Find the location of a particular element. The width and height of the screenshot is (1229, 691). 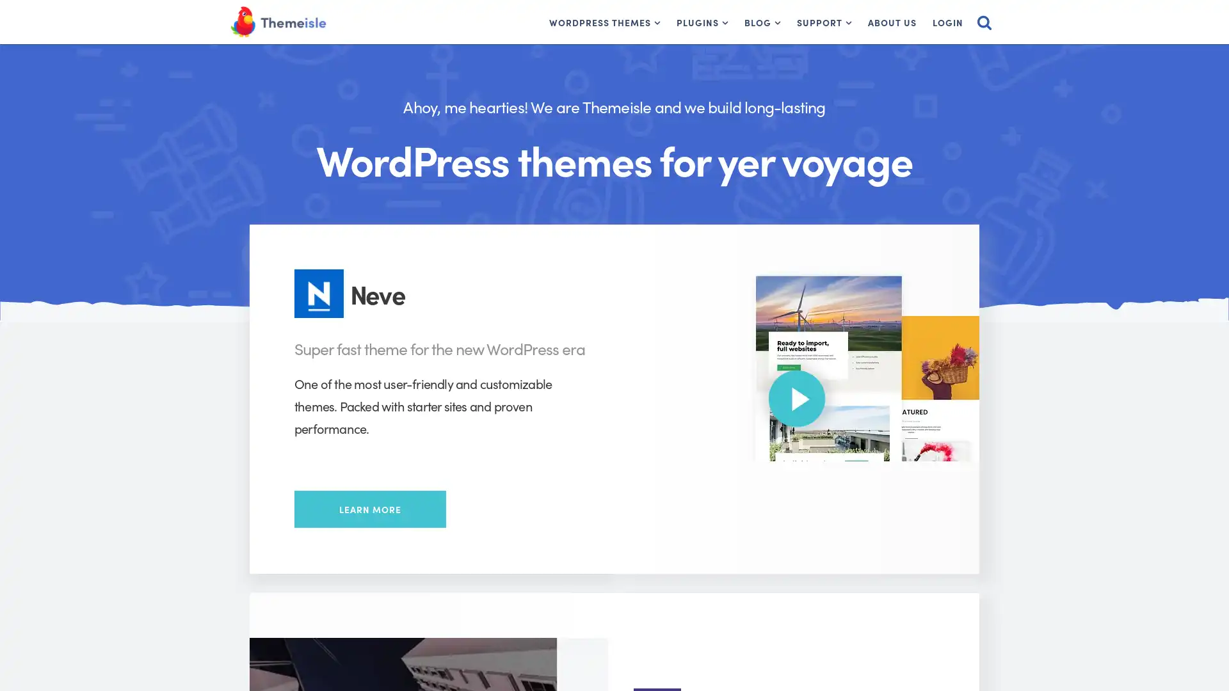

LEARN MORE is located at coordinates (369, 508).